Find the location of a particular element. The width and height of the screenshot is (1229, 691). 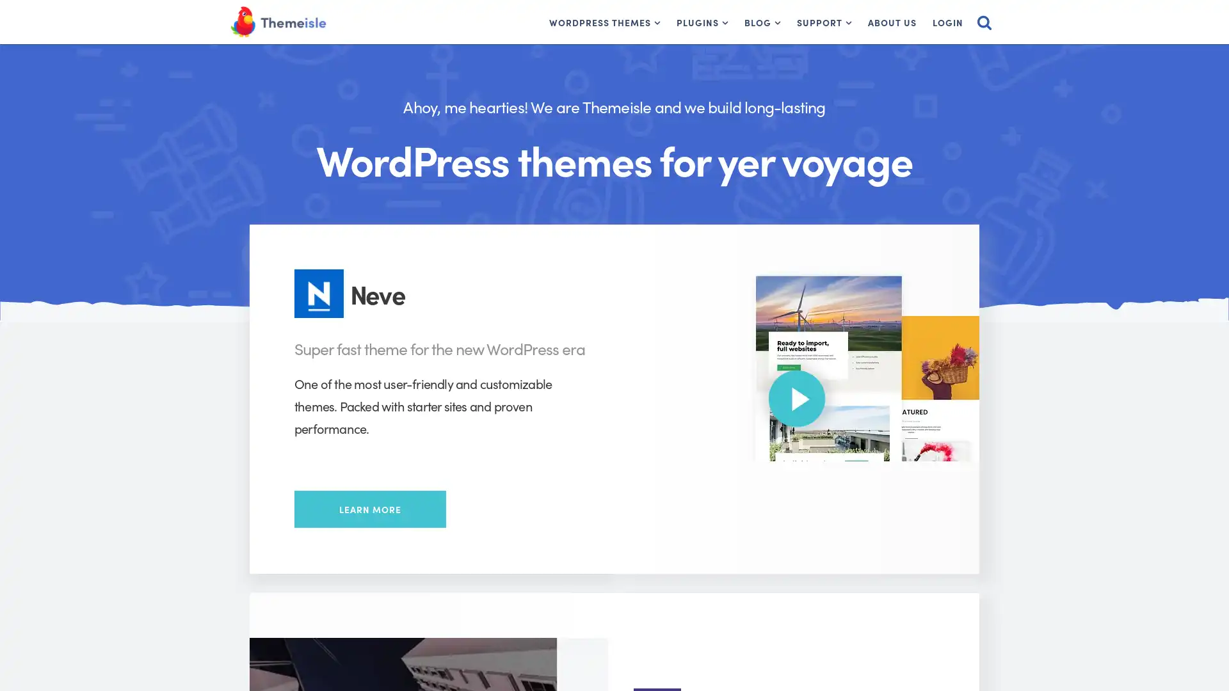

LEARN MORE is located at coordinates (369, 508).